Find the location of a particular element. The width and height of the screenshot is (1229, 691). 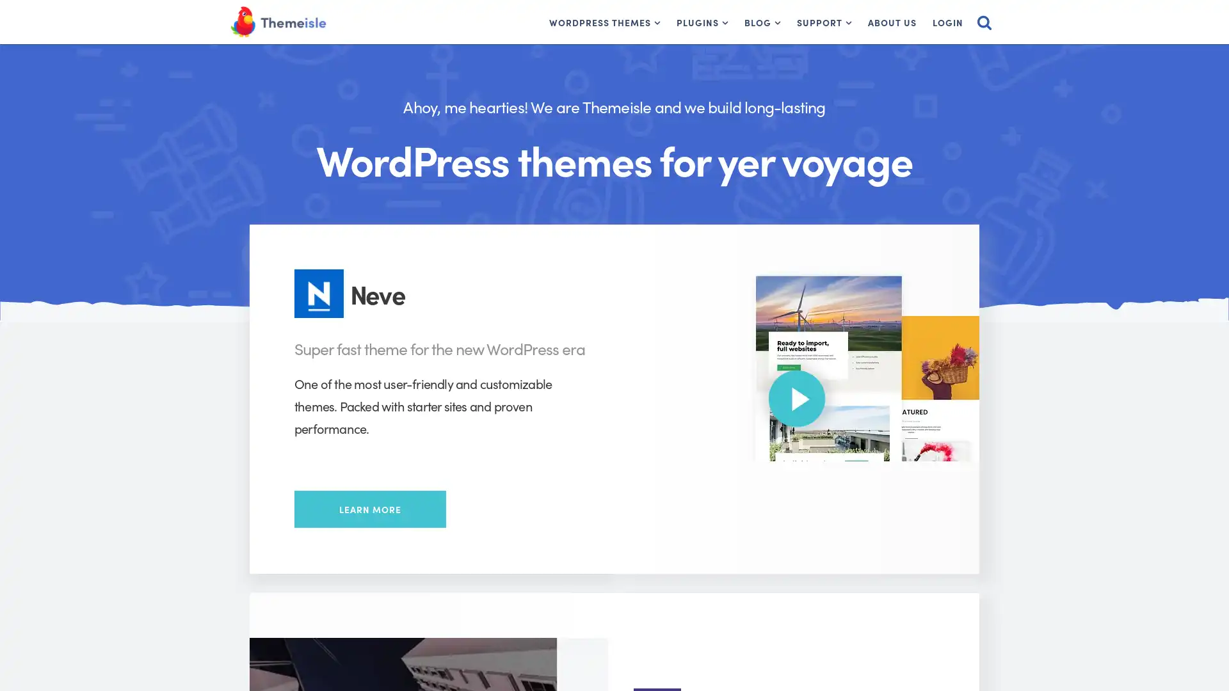

LEARN MORE is located at coordinates (369, 508).